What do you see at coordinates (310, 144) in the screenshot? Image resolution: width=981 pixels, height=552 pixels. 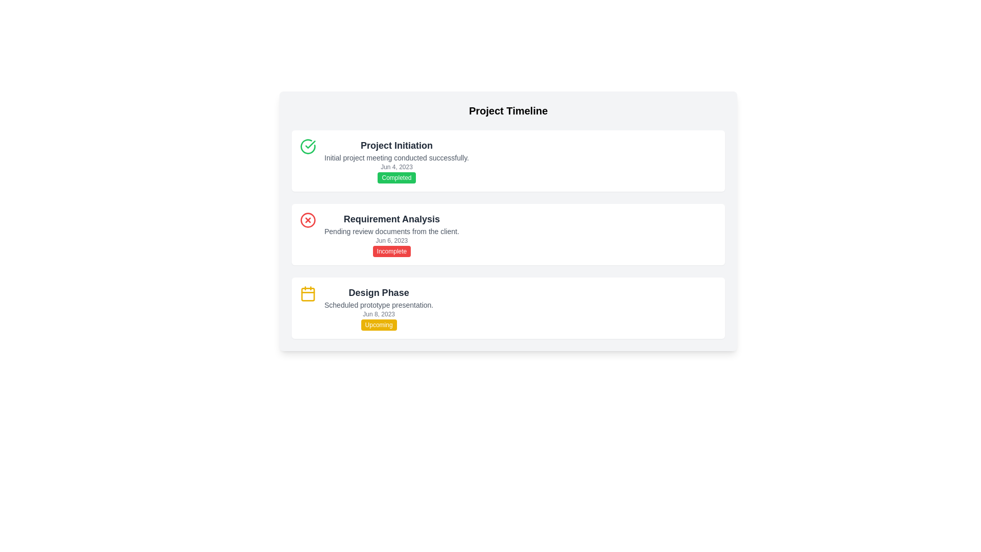 I see `the completion icon, which is a green checkmark within a circle, located in the 'Project Initiation' section under 'Project Timeline'` at bounding box center [310, 144].